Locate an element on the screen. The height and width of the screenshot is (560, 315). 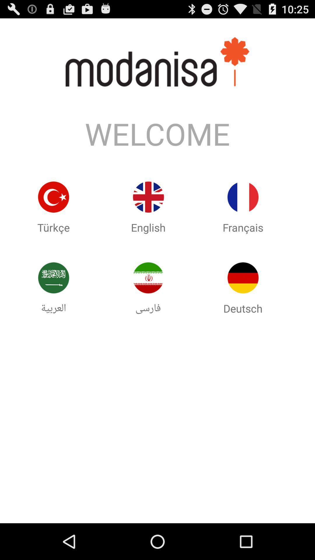
the second logo which is below the welcome is located at coordinates (148, 208).